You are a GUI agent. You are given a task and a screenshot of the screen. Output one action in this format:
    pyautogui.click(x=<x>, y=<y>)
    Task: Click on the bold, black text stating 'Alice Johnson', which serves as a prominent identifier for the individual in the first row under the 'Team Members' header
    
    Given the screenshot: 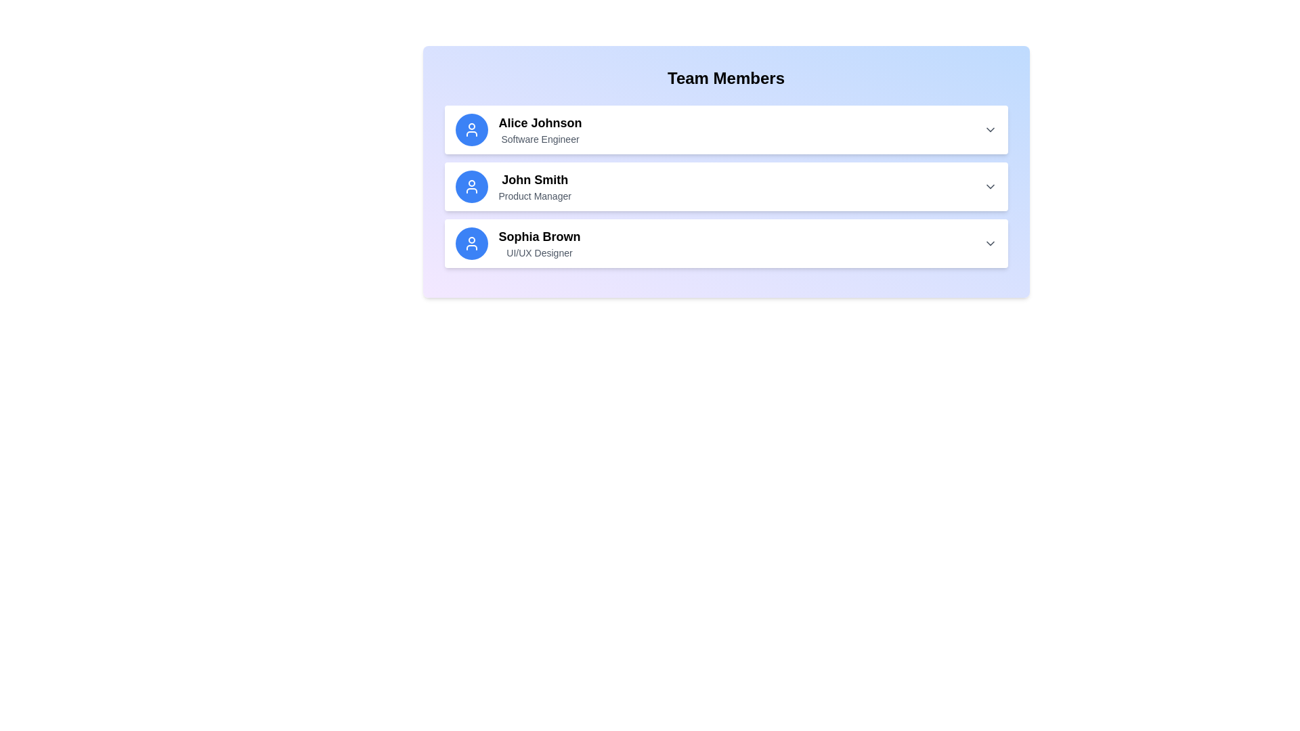 What is the action you would take?
    pyautogui.click(x=539, y=123)
    